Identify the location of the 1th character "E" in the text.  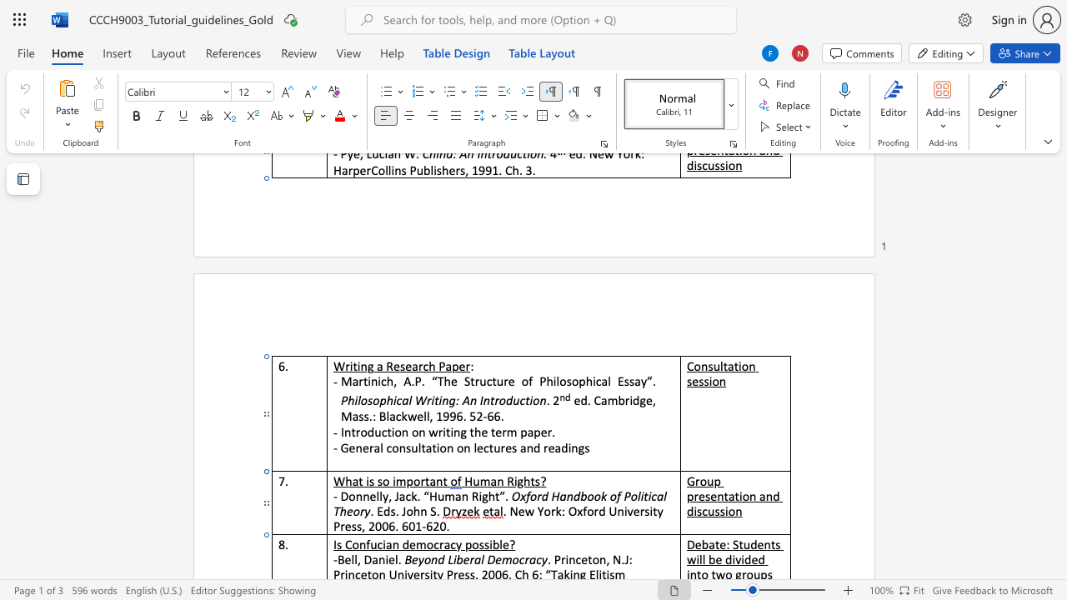
(379, 510).